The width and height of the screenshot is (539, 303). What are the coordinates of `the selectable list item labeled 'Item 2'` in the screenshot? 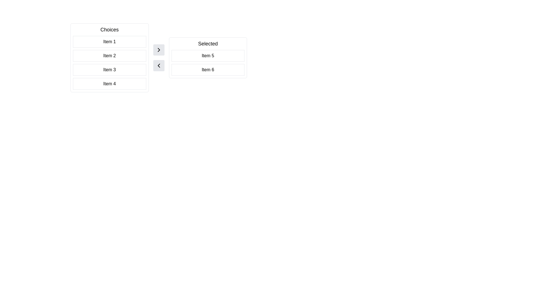 It's located at (109, 56).